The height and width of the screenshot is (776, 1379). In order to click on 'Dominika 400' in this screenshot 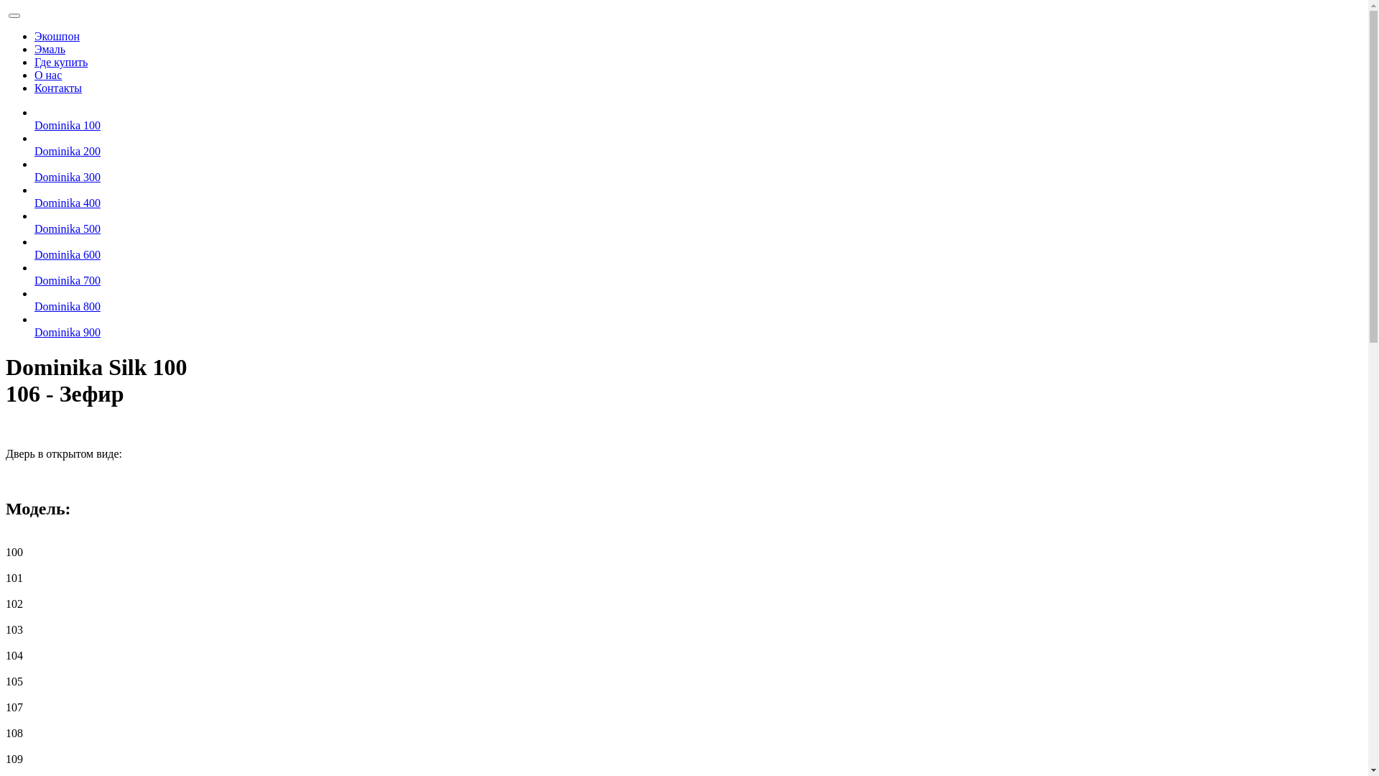, I will do `click(67, 203)`.